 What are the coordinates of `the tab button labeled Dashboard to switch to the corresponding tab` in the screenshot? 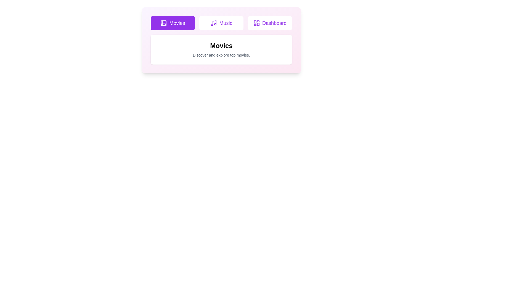 It's located at (270, 23).